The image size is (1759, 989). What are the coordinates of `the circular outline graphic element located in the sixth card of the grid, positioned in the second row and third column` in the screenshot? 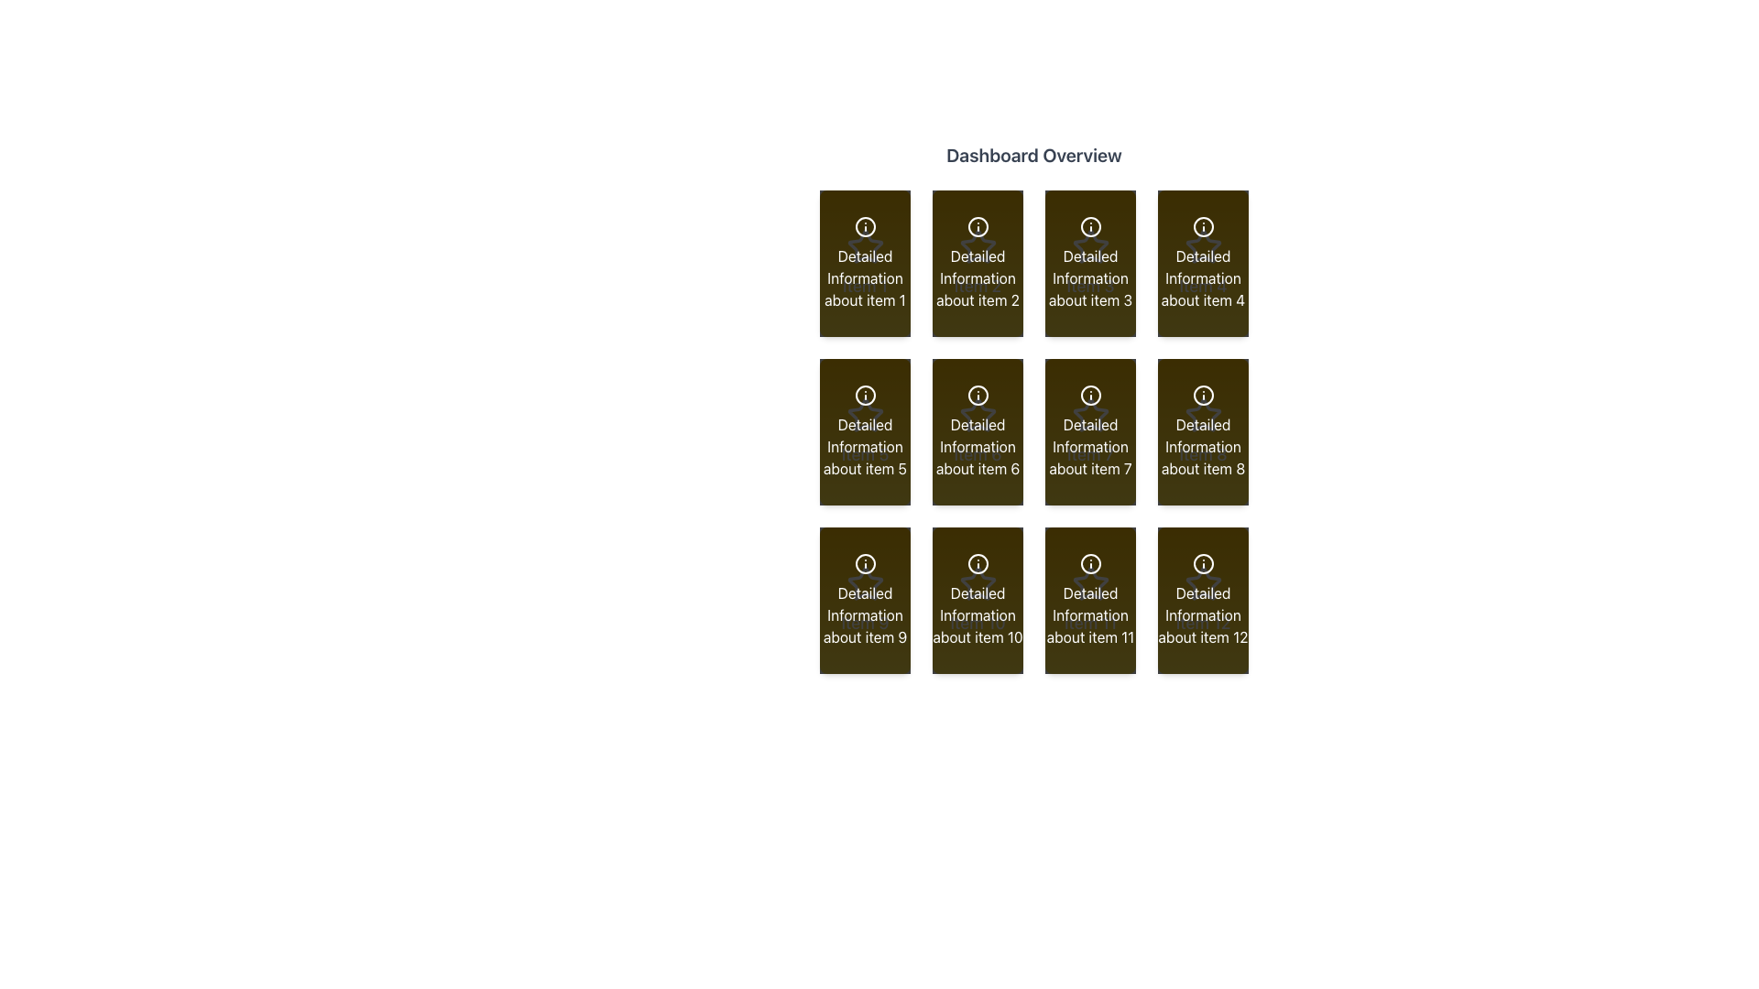 It's located at (977, 395).